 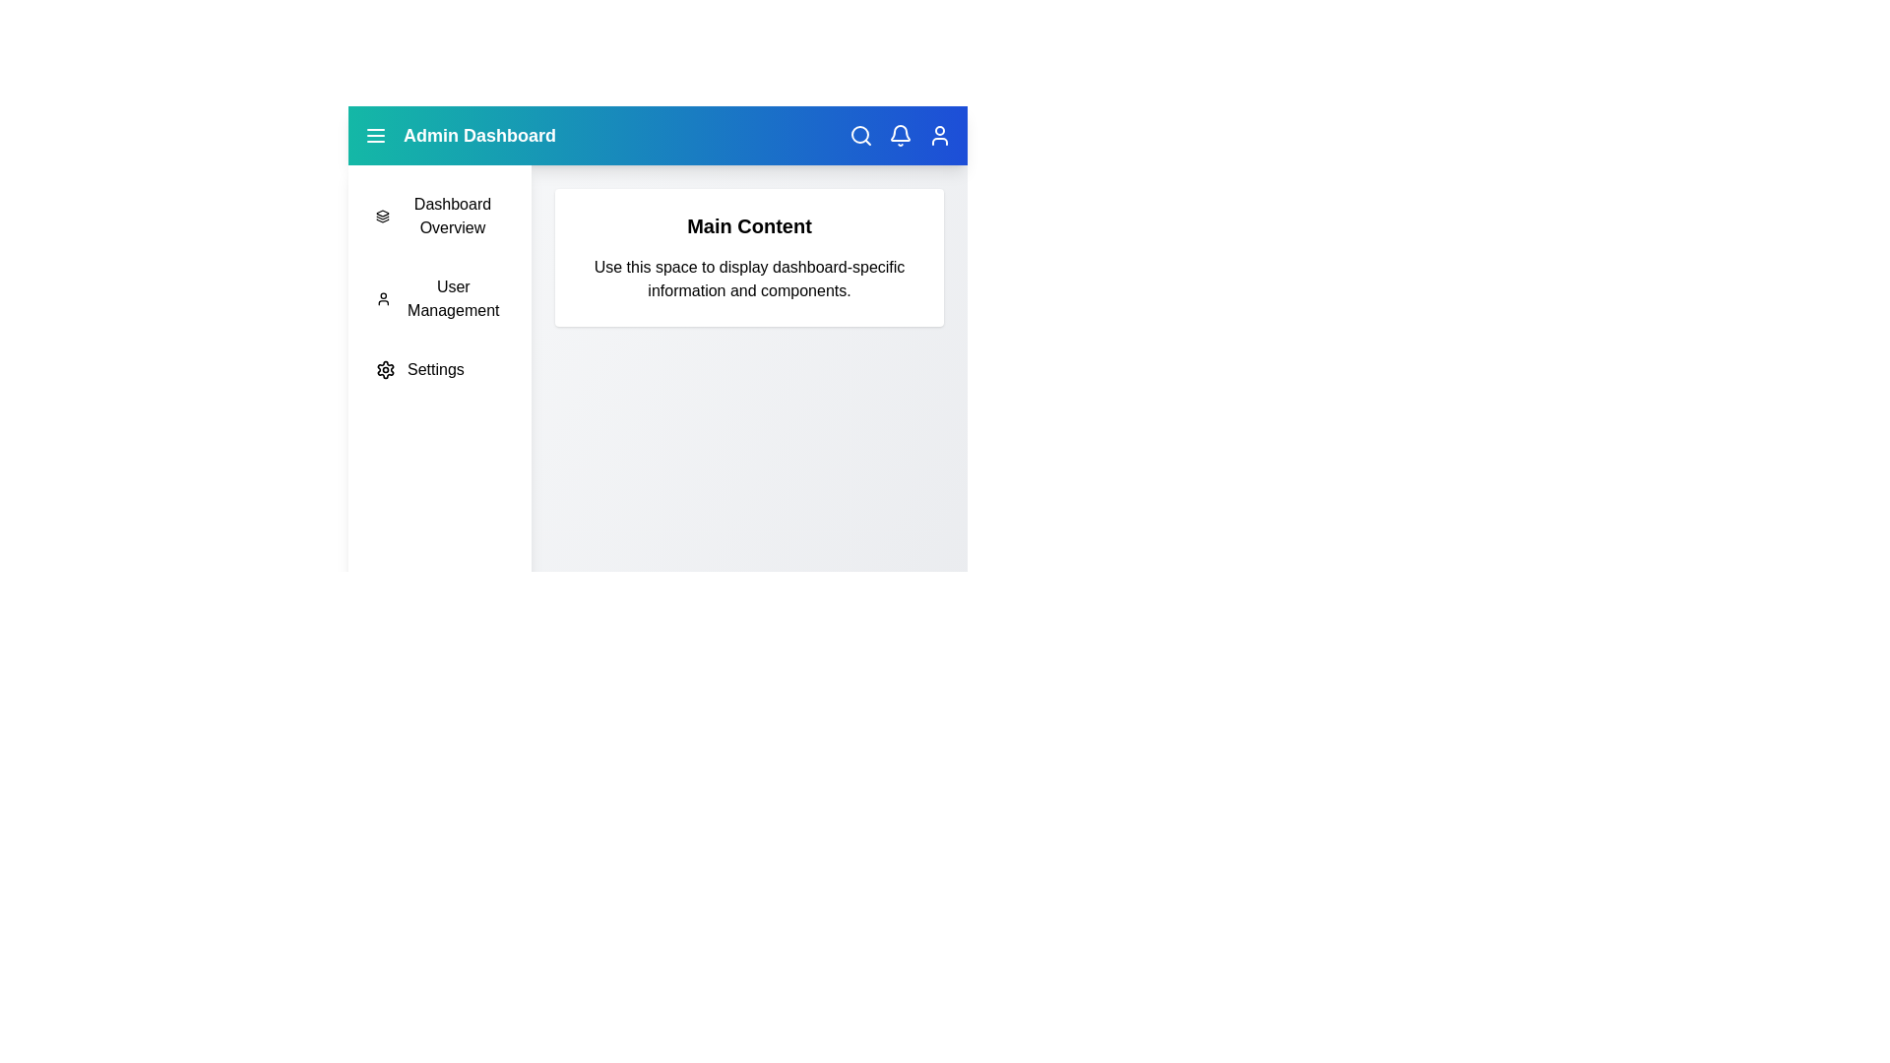 I want to click on the sidebar menu item 'User Management' to navigate to the corresponding section, so click(x=438, y=299).